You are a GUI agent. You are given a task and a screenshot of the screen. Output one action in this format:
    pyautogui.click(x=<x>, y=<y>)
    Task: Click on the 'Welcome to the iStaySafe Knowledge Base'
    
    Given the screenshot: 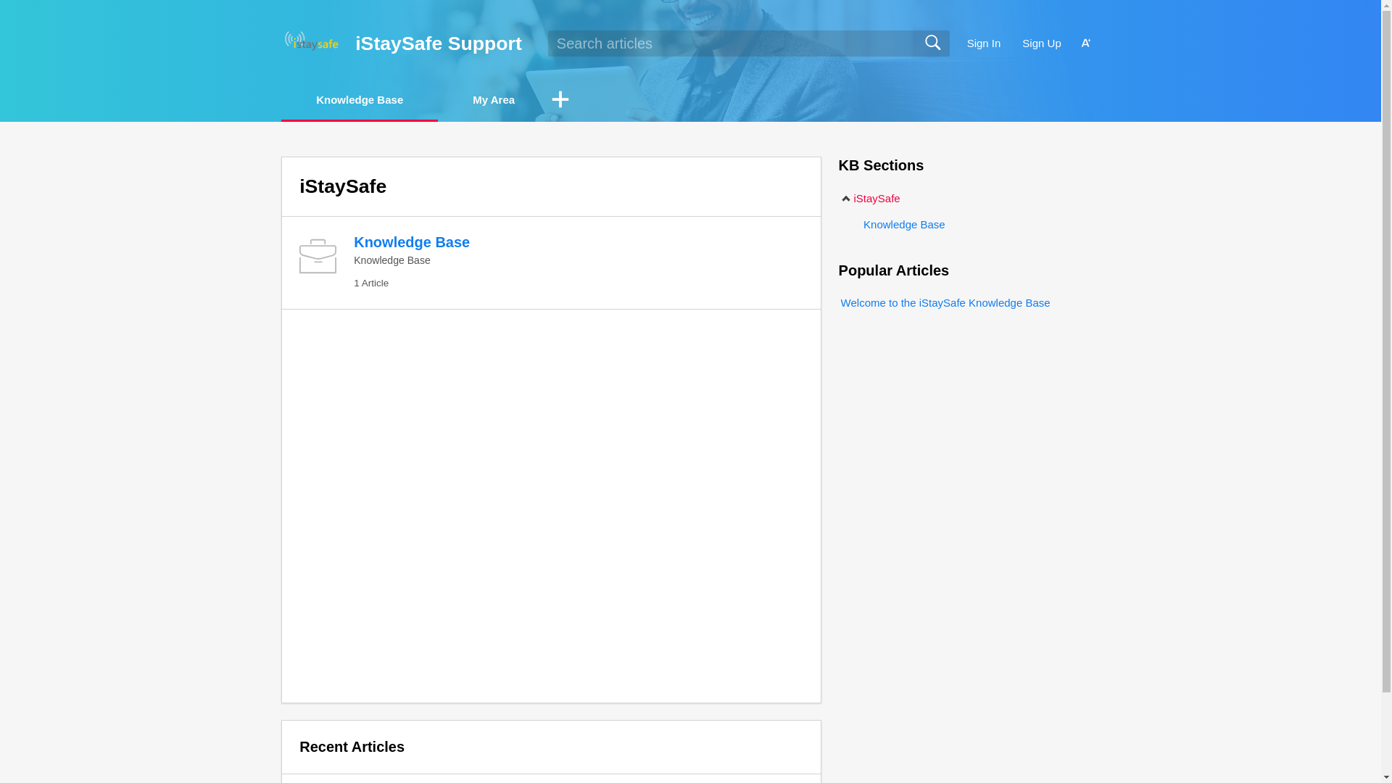 What is the action you would take?
    pyautogui.click(x=944, y=302)
    